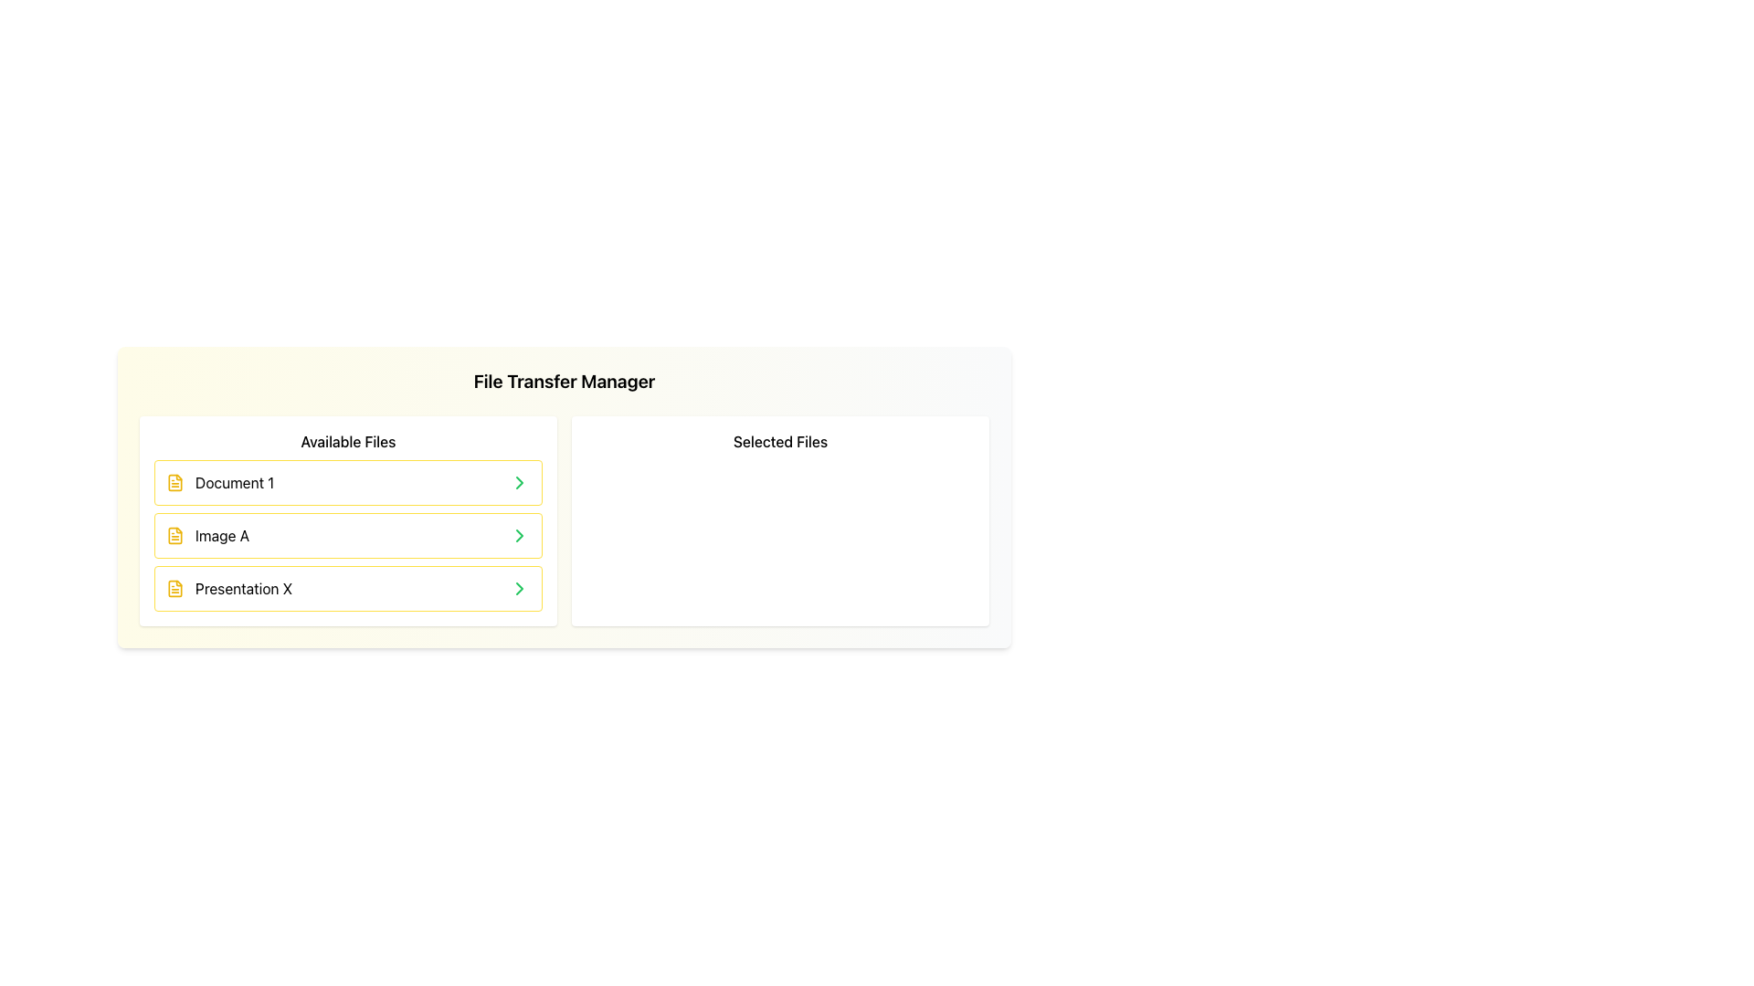  Describe the element at coordinates (519, 481) in the screenshot. I see `the small right-facing chevron arrow icon located in the second row of the 'Available Files' section, aligned to the far right of the row associated with 'Image A'` at that location.